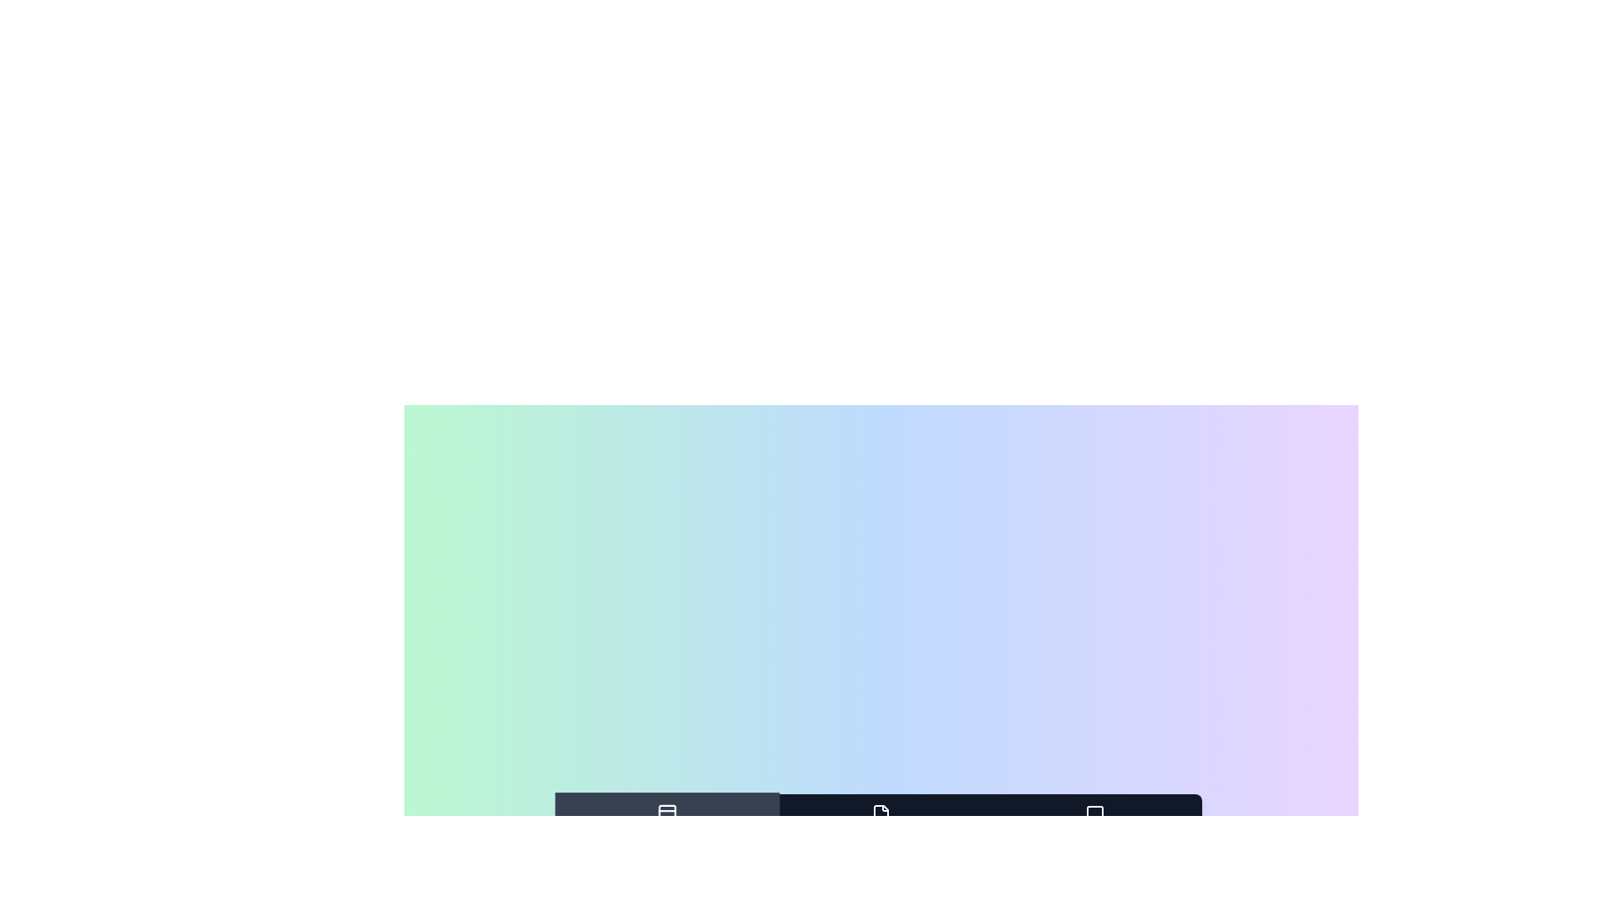 This screenshot has height=902, width=1604. What do you see at coordinates (666, 824) in the screenshot?
I see `the tab labeled Dashboard` at bounding box center [666, 824].